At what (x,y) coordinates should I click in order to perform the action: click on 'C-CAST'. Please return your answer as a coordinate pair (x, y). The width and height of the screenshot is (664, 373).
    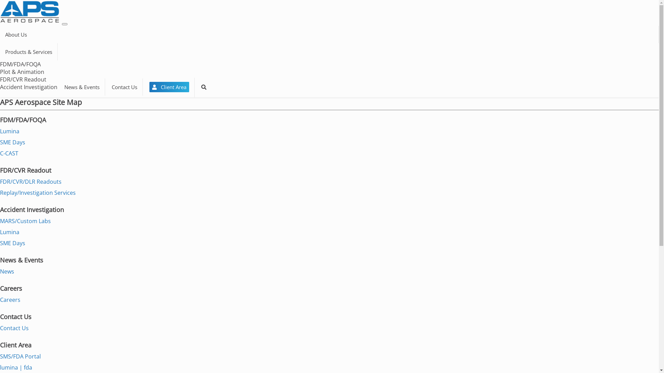
    Looking at the image, I should click on (9, 153).